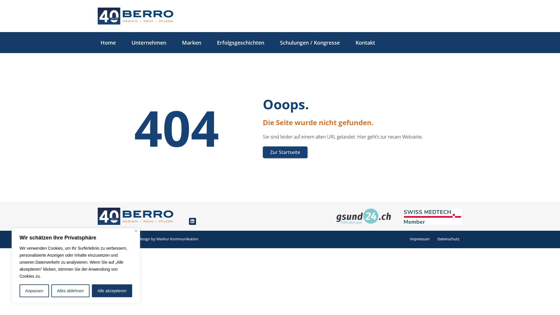 This screenshot has width=560, height=315. Describe the element at coordinates (176, 42) in the screenshot. I see `'Marken'` at that location.